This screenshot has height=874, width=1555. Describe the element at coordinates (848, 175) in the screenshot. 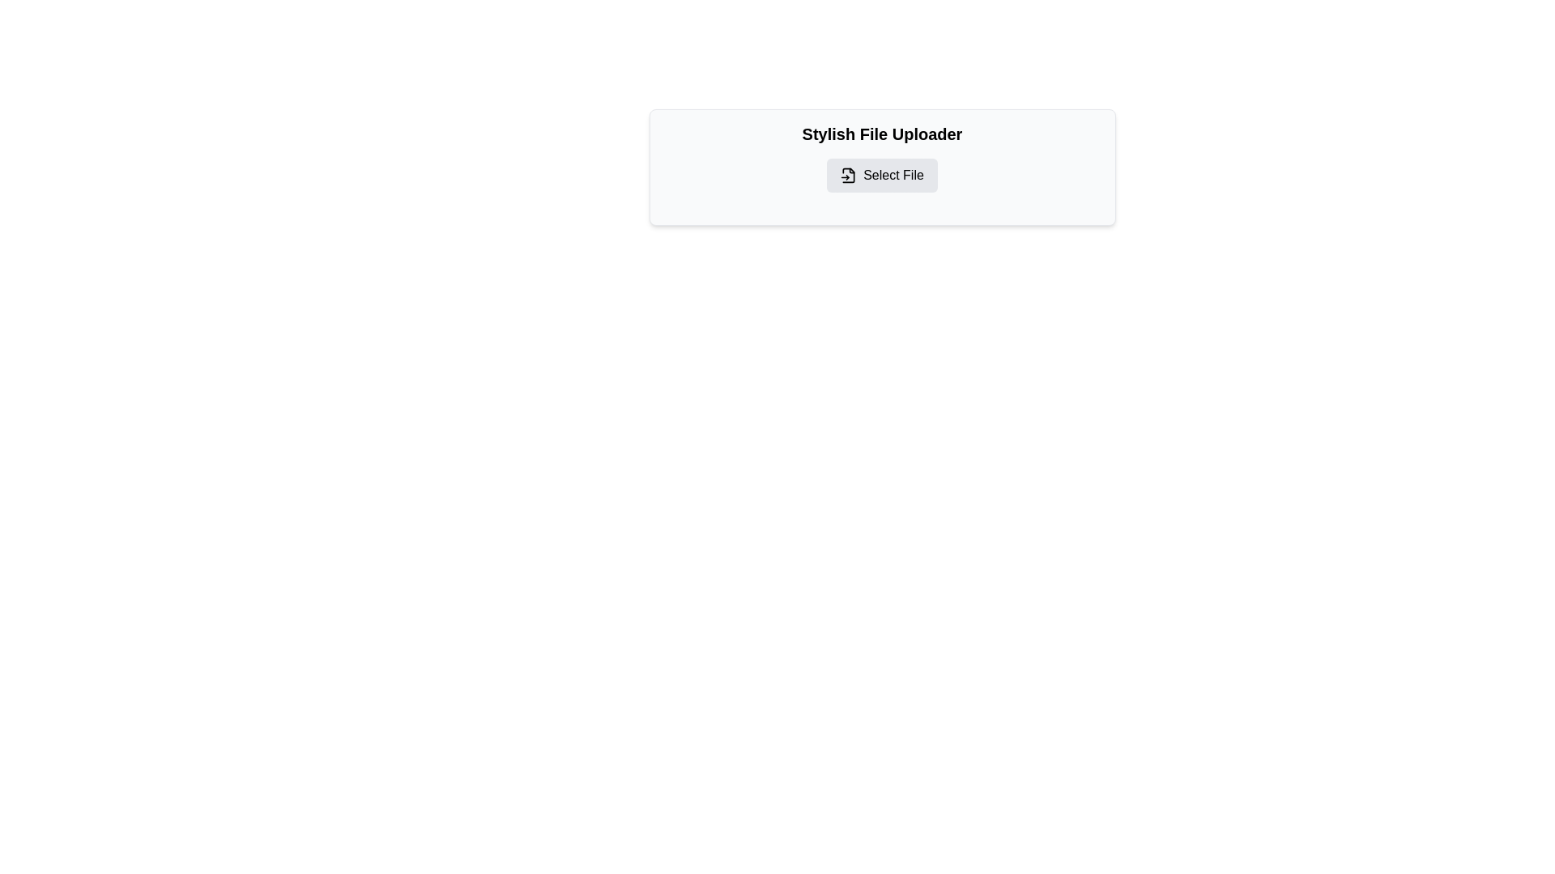

I see `the simplified file icon within the 'Select File' button, which is visually represented as a square with a corner folded down` at that location.